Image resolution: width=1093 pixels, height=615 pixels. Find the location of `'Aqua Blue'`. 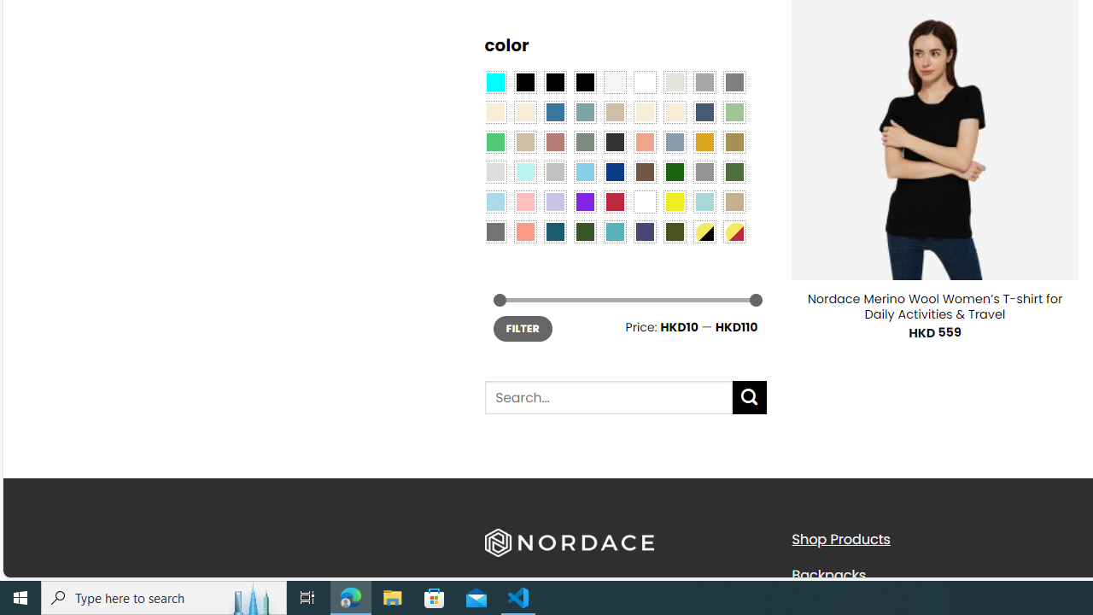

'Aqua Blue' is located at coordinates (494, 81).